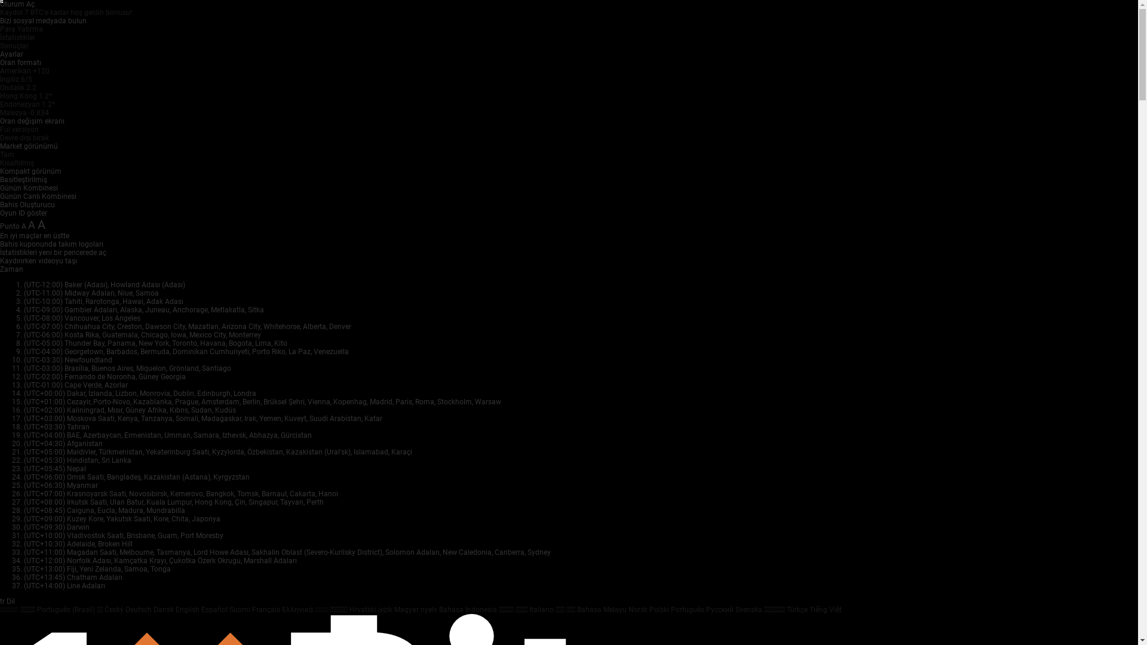  I want to click on 'Bahasa Indonesia', so click(438, 610).